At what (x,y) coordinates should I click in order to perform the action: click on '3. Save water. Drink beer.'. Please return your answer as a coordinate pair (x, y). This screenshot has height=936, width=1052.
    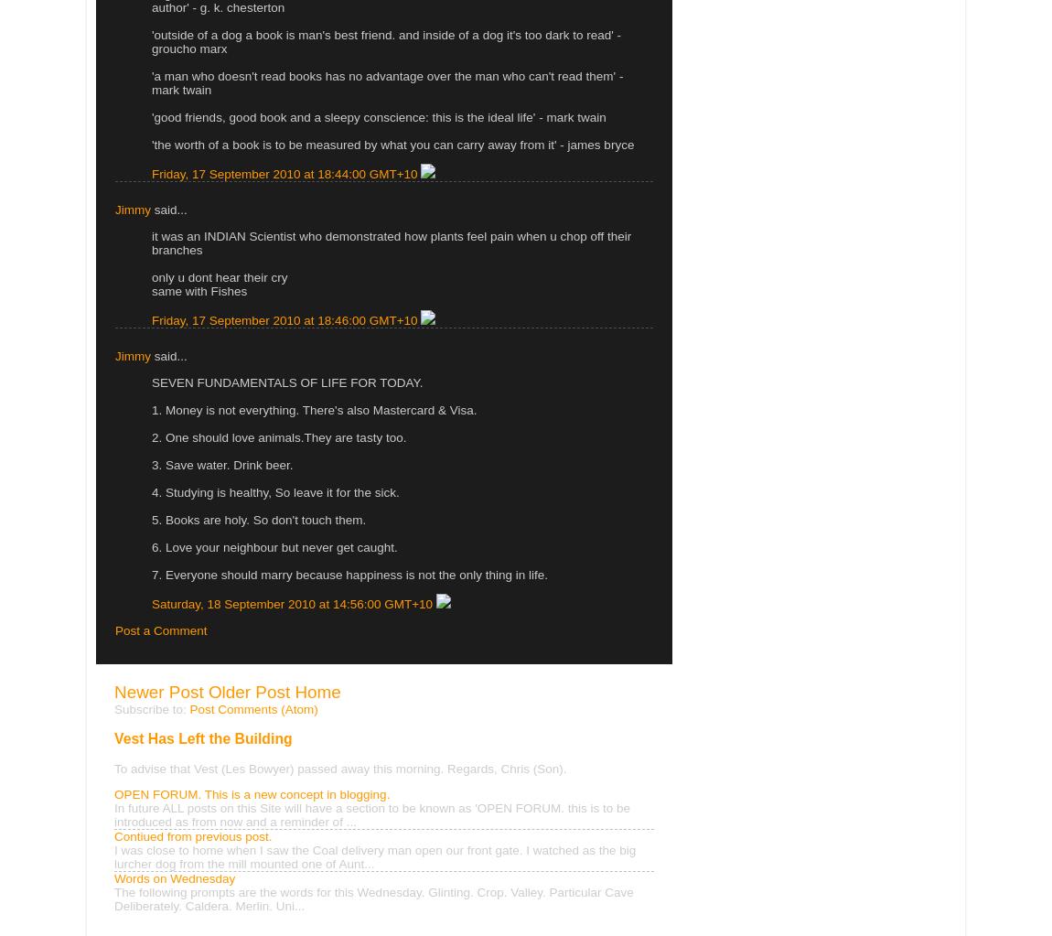
    Looking at the image, I should click on (150, 464).